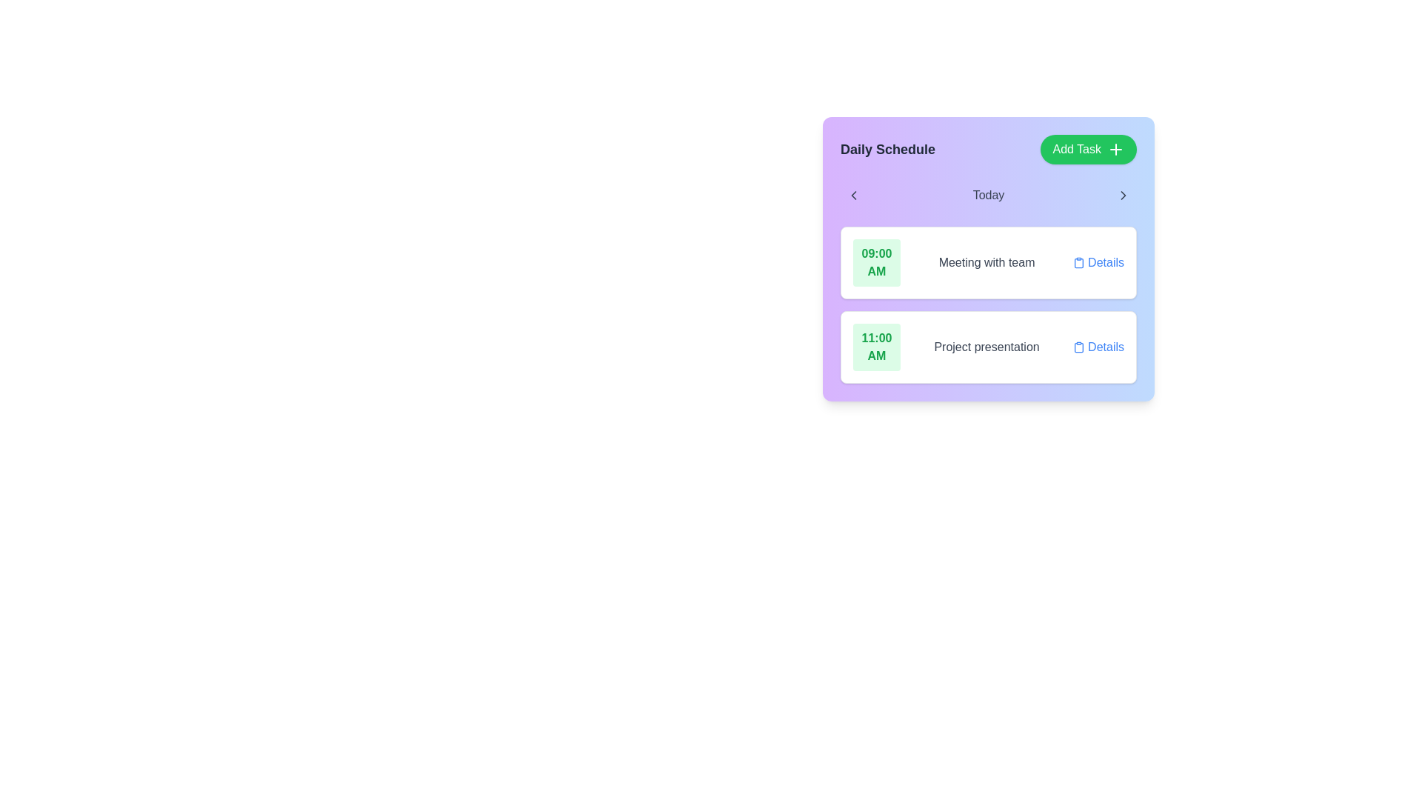 This screenshot has width=1422, height=800. I want to click on the small left-facing chevron arrow button located in the upper-left corner of the section titled 'Today', so click(853, 194).